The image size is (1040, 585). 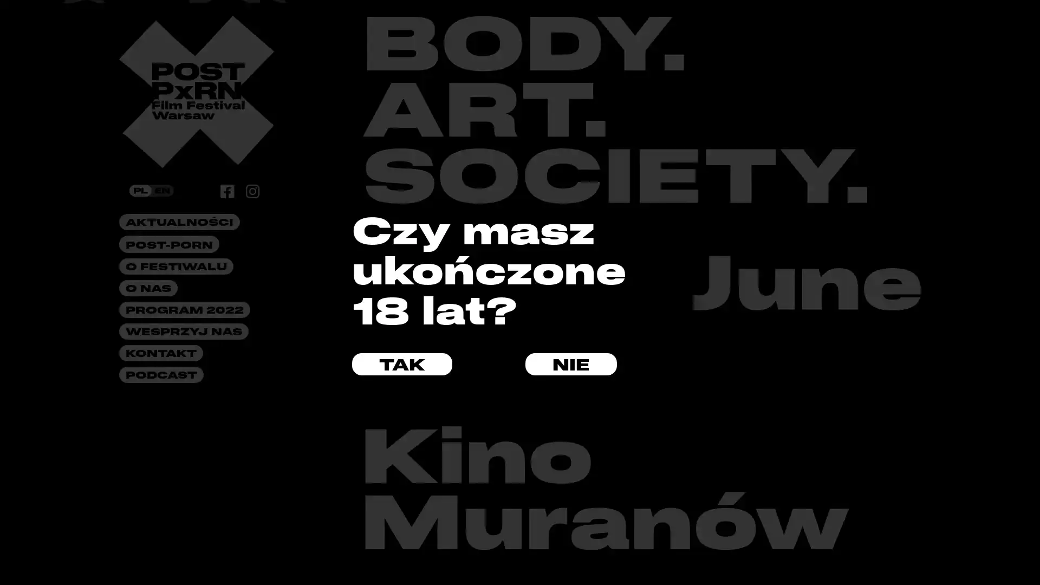 I want to click on WESPRZYJ NAS, so click(x=184, y=331).